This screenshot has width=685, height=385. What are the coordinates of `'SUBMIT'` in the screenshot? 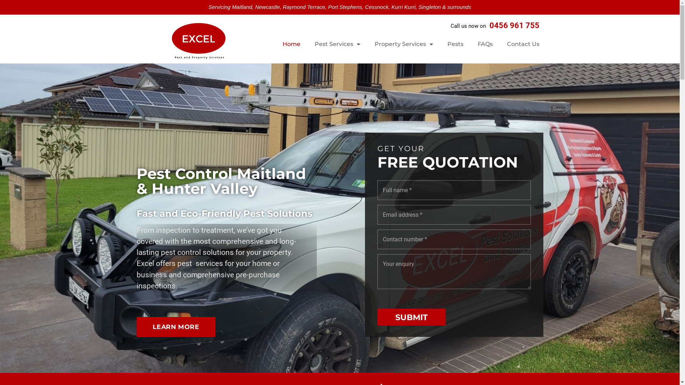 It's located at (411, 317).